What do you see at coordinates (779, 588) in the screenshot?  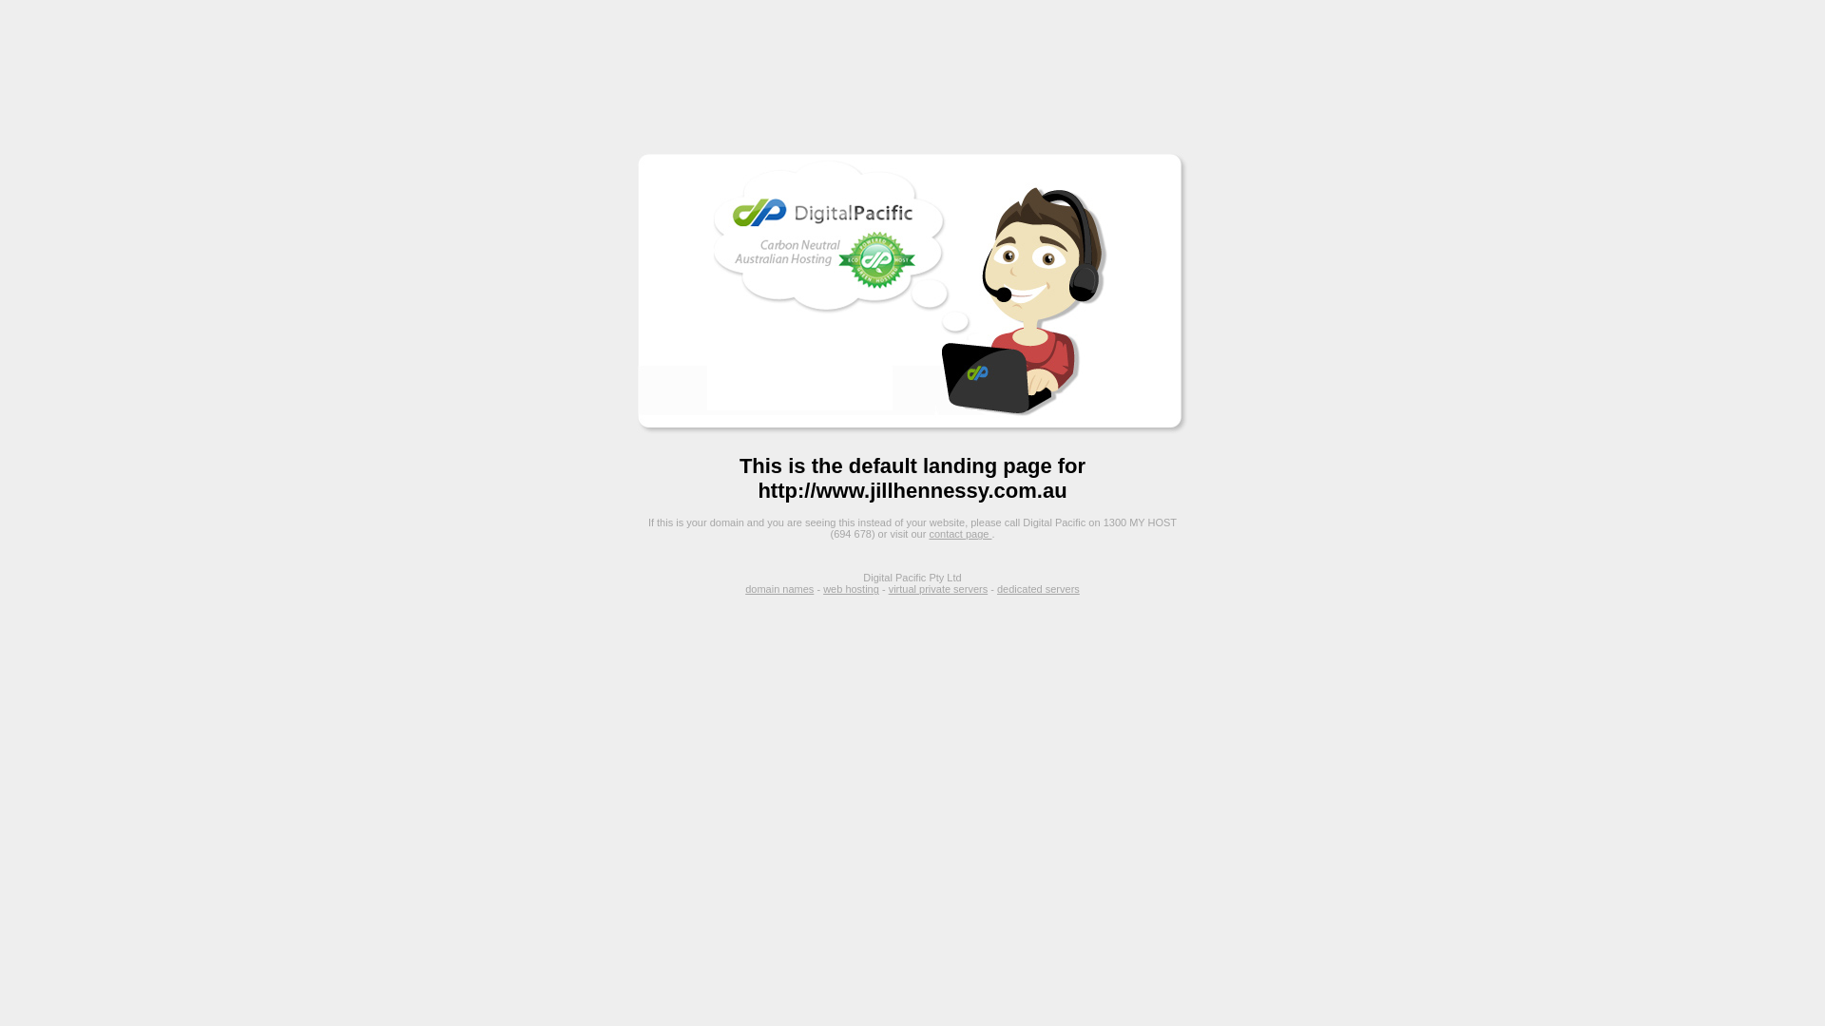 I see `'domain names'` at bounding box center [779, 588].